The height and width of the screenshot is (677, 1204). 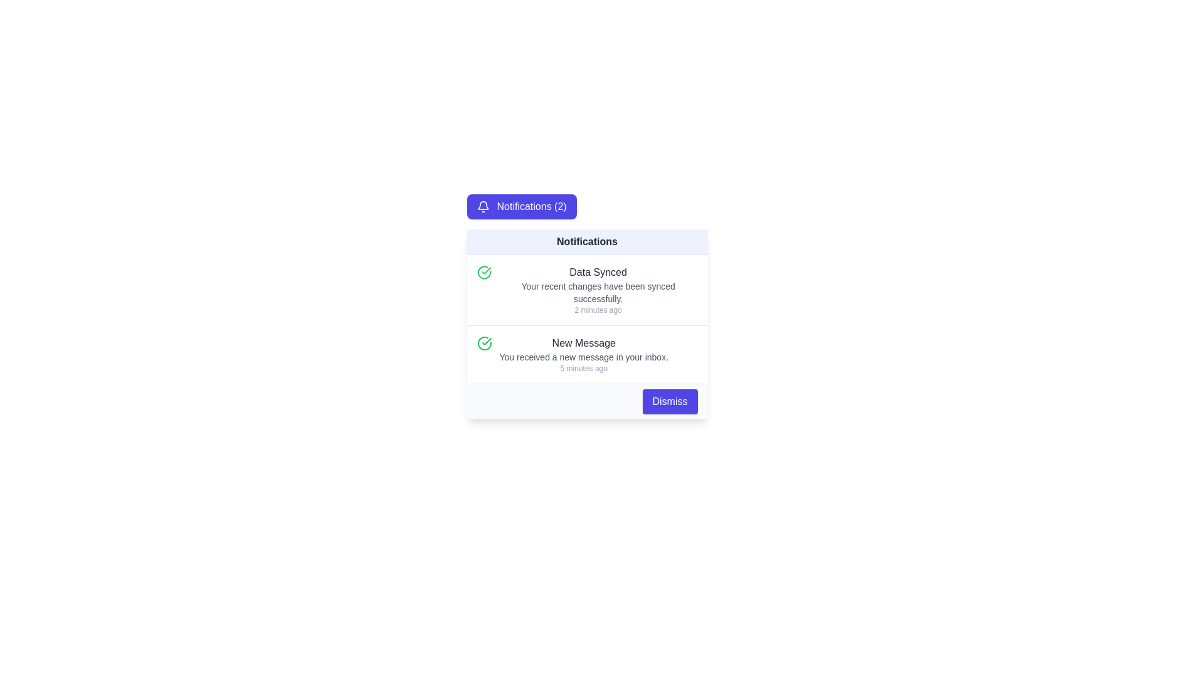 What do you see at coordinates (669, 401) in the screenshot?
I see `the dismiss button located at the lower right corner of the notification panel to observe the hover effect` at bounding box center [669, 401].